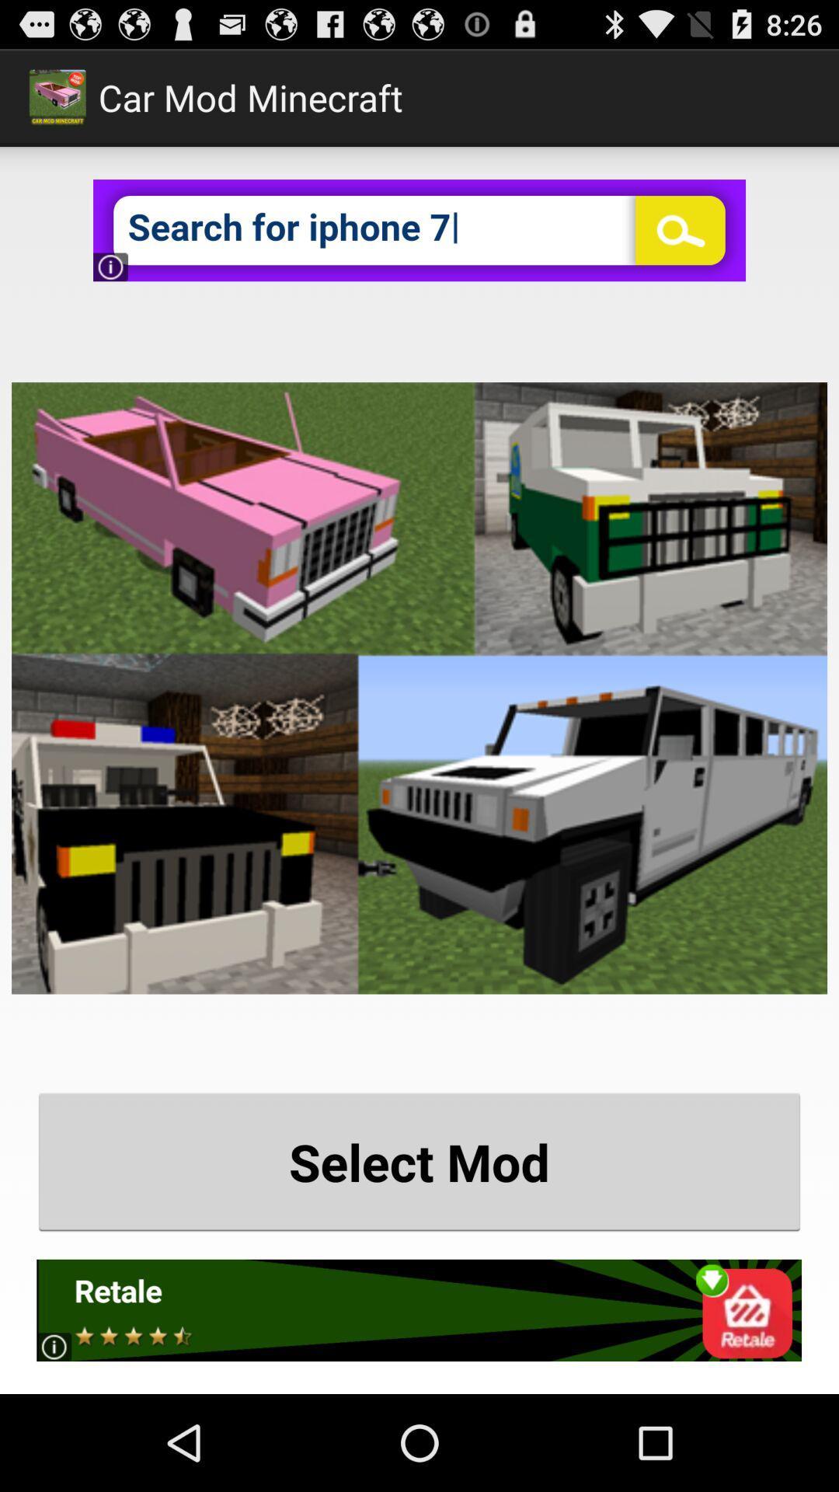 The height and width of the screenshot is (1492, 839). What do you see at coordinates (419, 229) in the screenshot?
I see `search text` at bounding box center [419, 229].